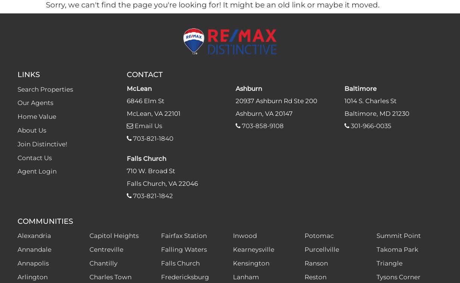  Describe the element at coordinates (370, 101) in the screenshot. I see `'1014 S. Charles St'` at that location.